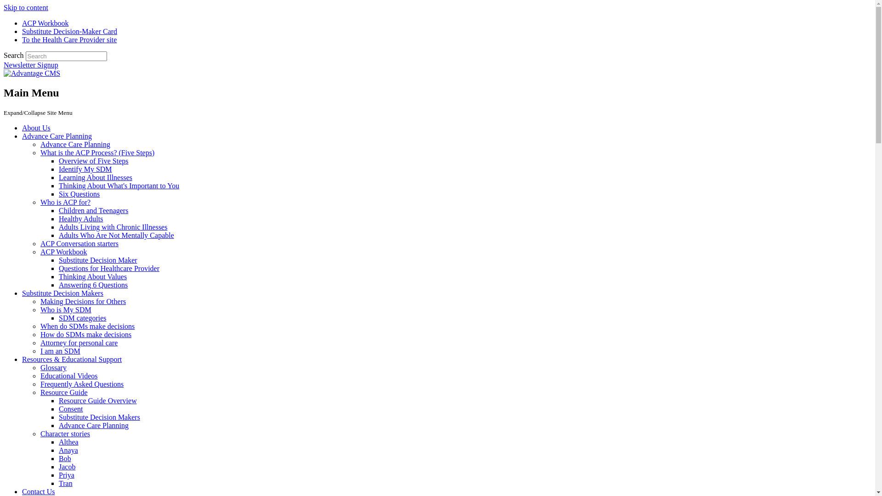 The image size is (882, 496). I want to click on 'Resources & Educational Support', so click(71, 359).